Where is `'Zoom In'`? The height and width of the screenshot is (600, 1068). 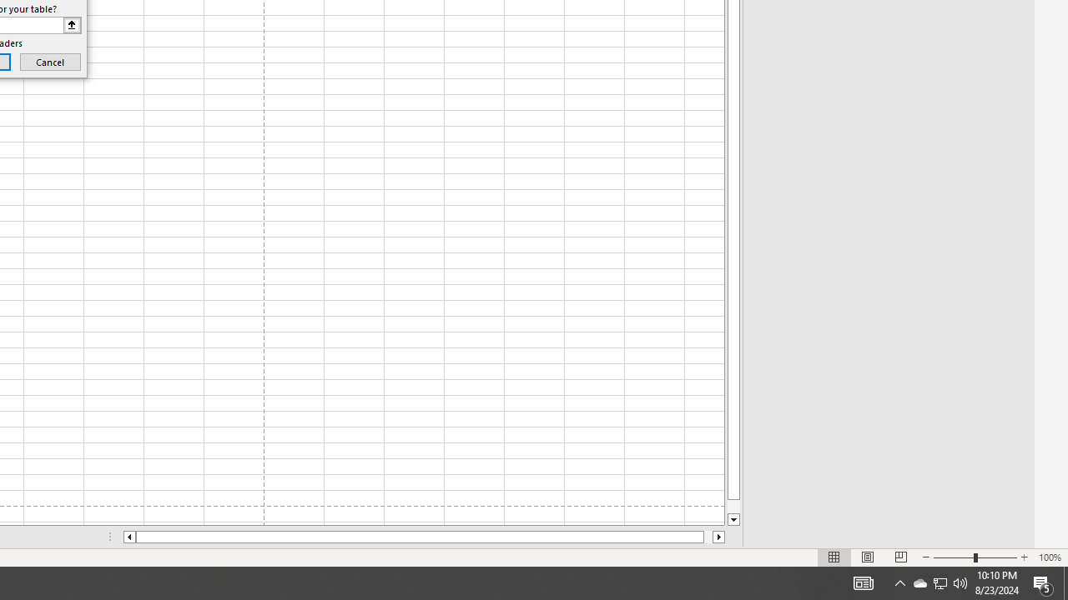 'Zoom In' is located at coordinates (1023, 557).